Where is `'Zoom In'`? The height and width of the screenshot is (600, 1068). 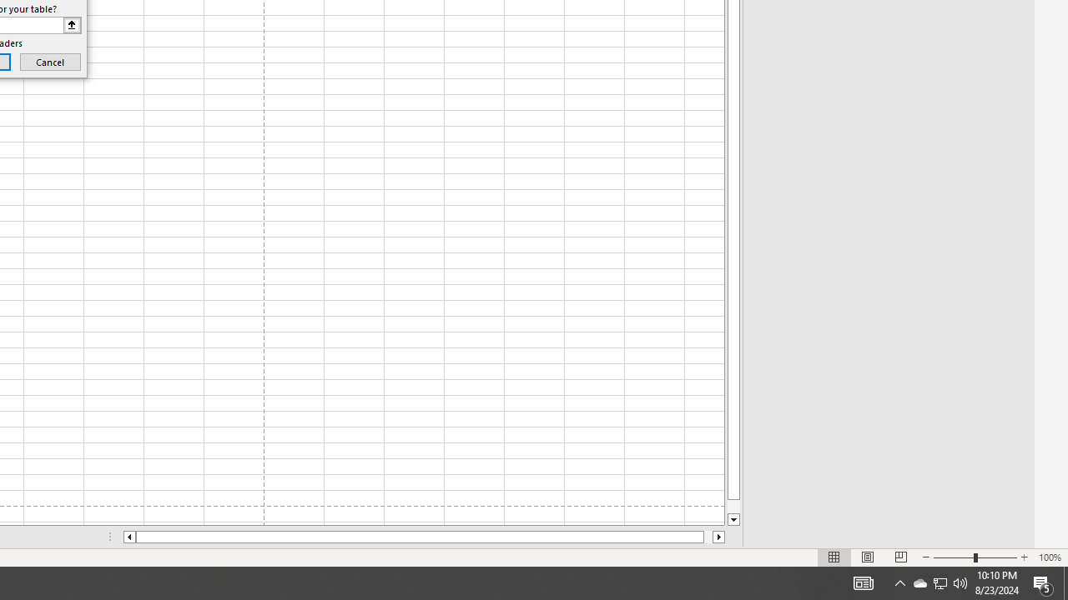 'Zoom In' is located at coordinates (1023, 557).